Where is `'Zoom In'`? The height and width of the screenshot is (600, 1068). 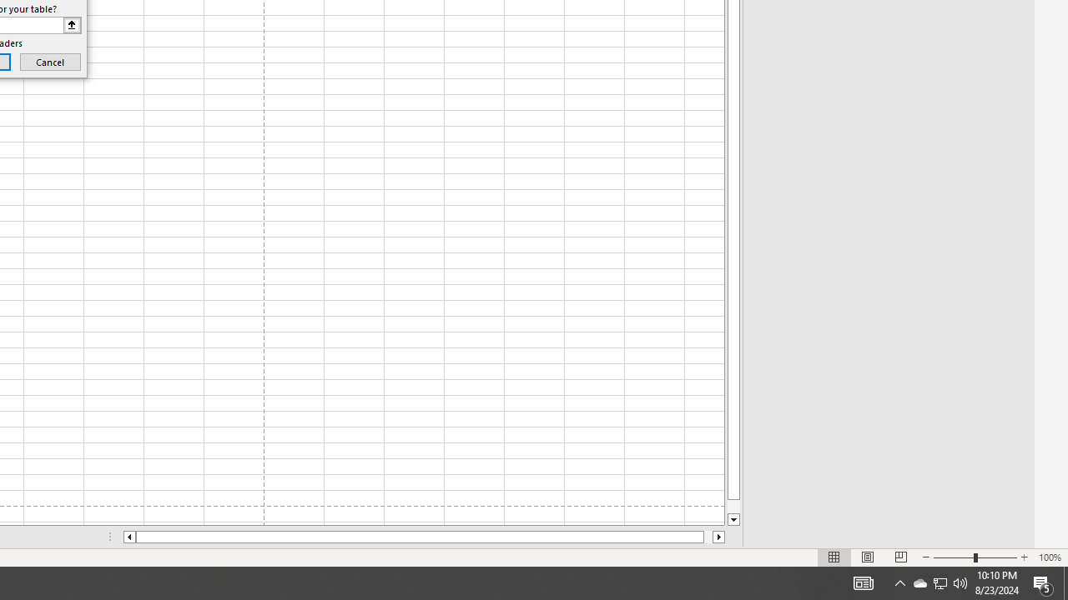 'Zoom In' is located at coordinates (1023, 557).